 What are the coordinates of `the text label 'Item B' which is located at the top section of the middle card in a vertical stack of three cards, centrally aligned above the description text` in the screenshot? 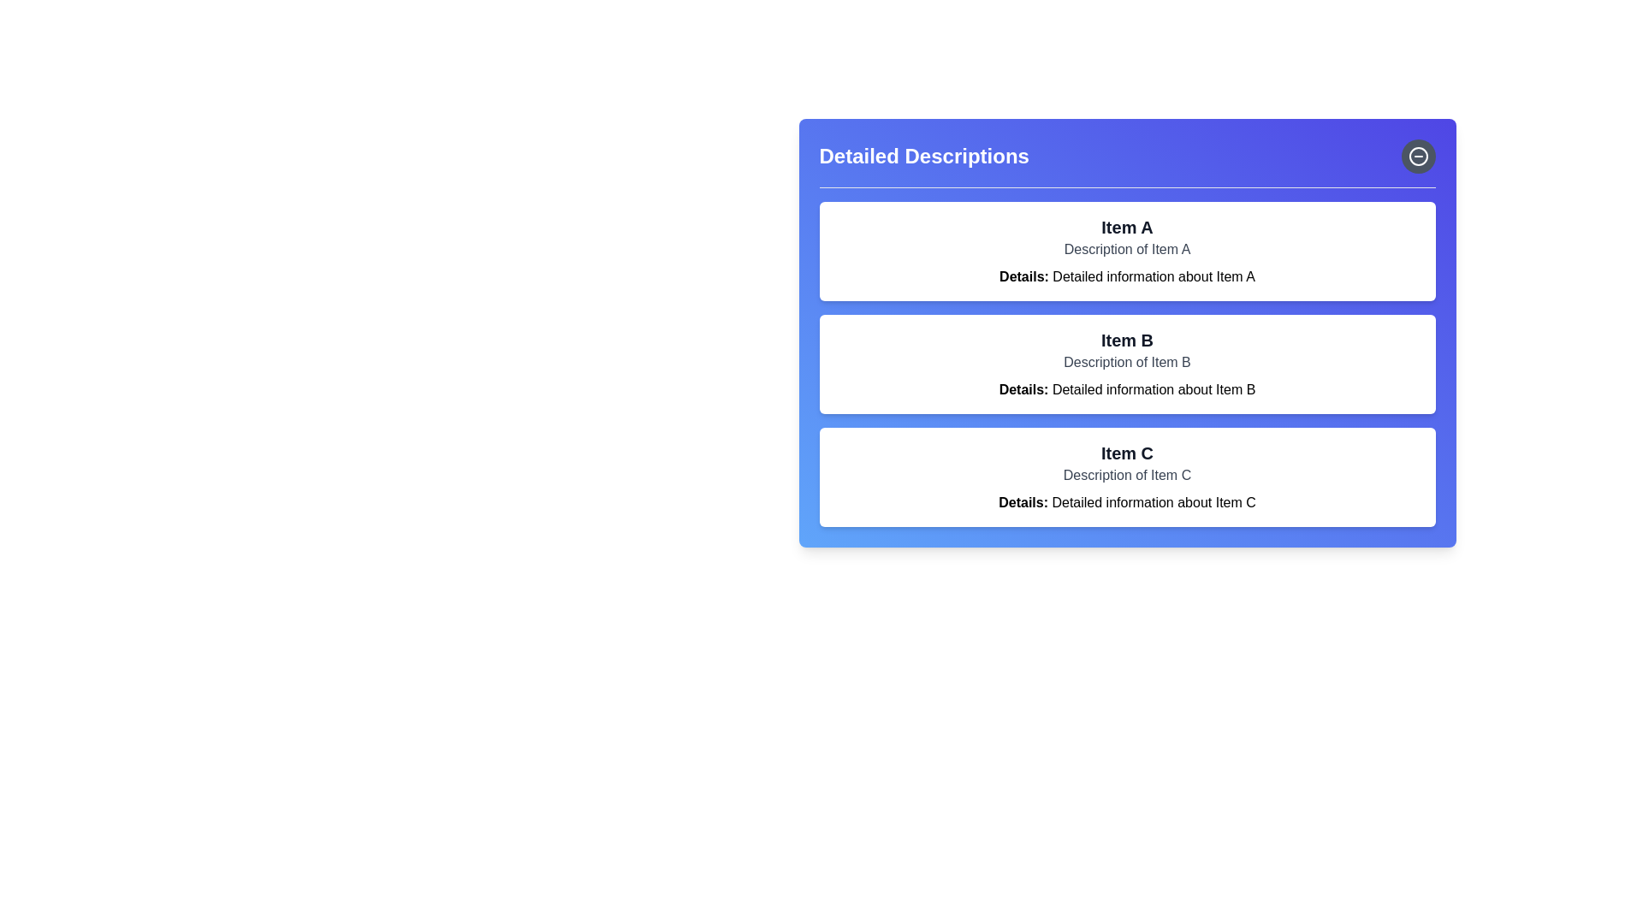 It's located at (1127, 340).